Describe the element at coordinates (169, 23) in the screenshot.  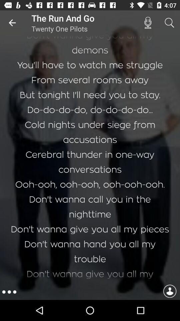
I see `icon above i can t item` at that location.